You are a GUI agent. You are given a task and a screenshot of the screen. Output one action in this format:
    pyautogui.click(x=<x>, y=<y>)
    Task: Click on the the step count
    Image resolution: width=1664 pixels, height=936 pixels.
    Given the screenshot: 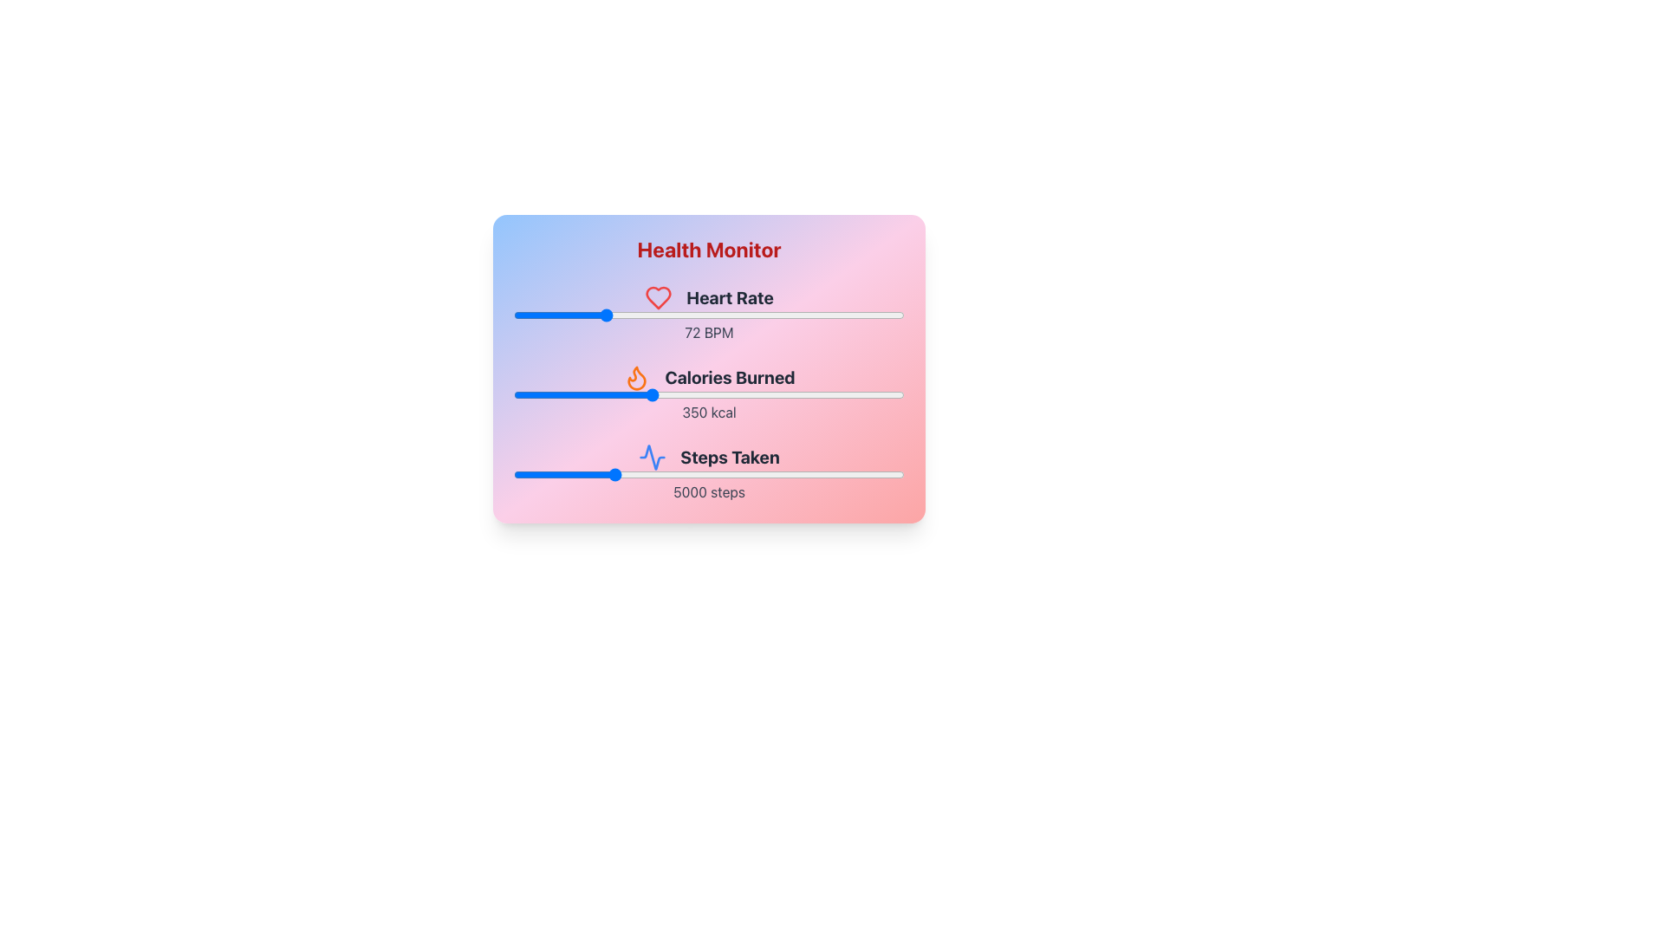 What is the action you would take?
    pyautogui.click(x=697, y=474)
    